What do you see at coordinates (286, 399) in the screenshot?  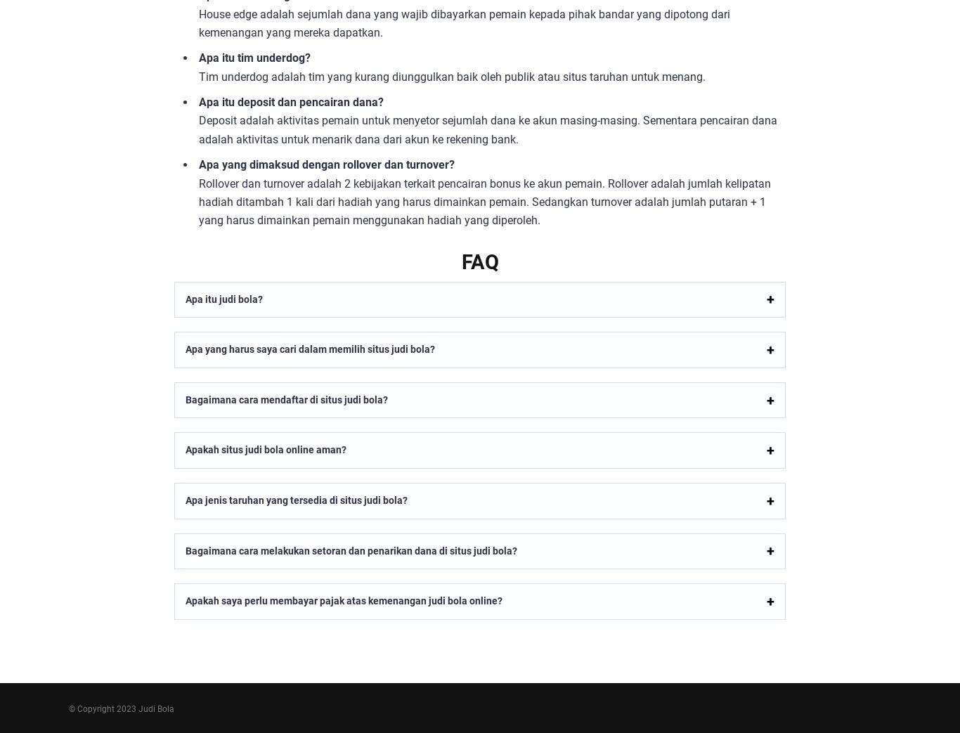 I see `'Bagaimana cara mendaftar di situs judi bola?'` at bounding box center [286, 399].